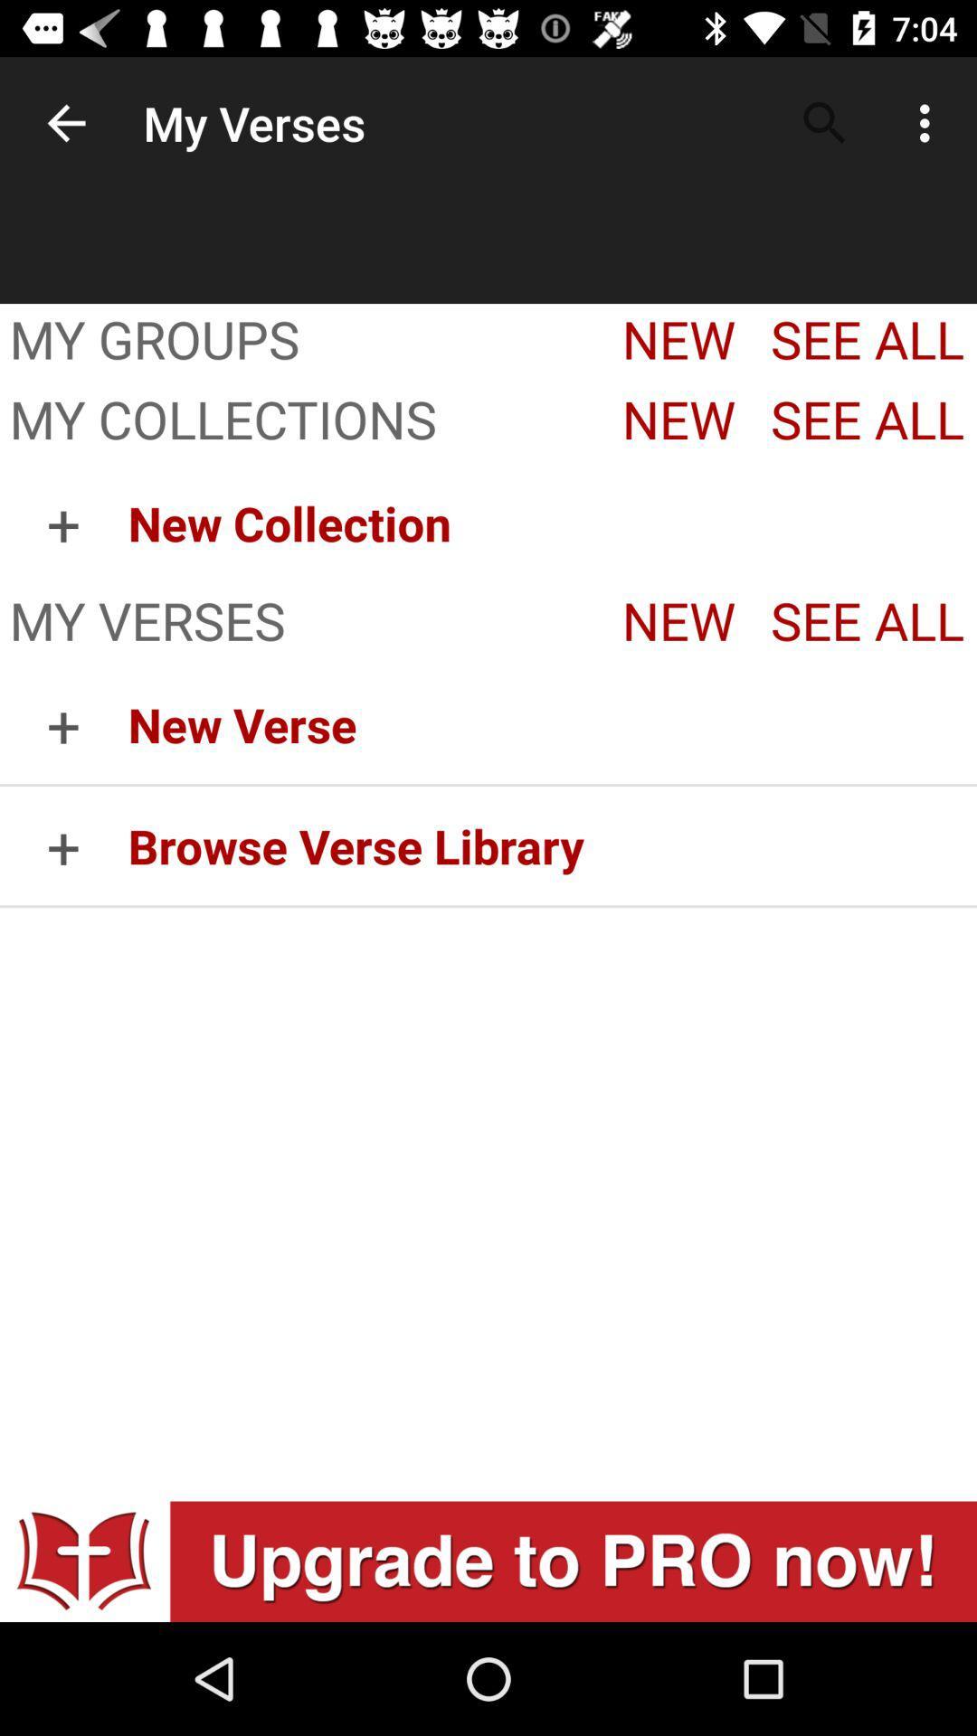 This screenshot has width=977, height=1736. I want to click on the text right to text my groups, so click(673, 343).